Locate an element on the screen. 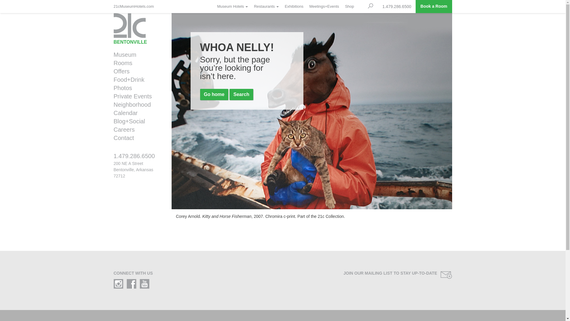 Image resolution: width=570 pixels, height=321 pixels. 'Go home' is located at coordinates (214, 94).